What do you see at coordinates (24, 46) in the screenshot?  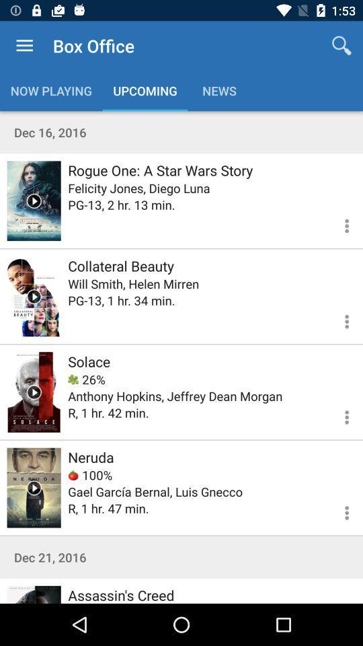 I see `app to the left of the box office` at bounding box center [24, 46].